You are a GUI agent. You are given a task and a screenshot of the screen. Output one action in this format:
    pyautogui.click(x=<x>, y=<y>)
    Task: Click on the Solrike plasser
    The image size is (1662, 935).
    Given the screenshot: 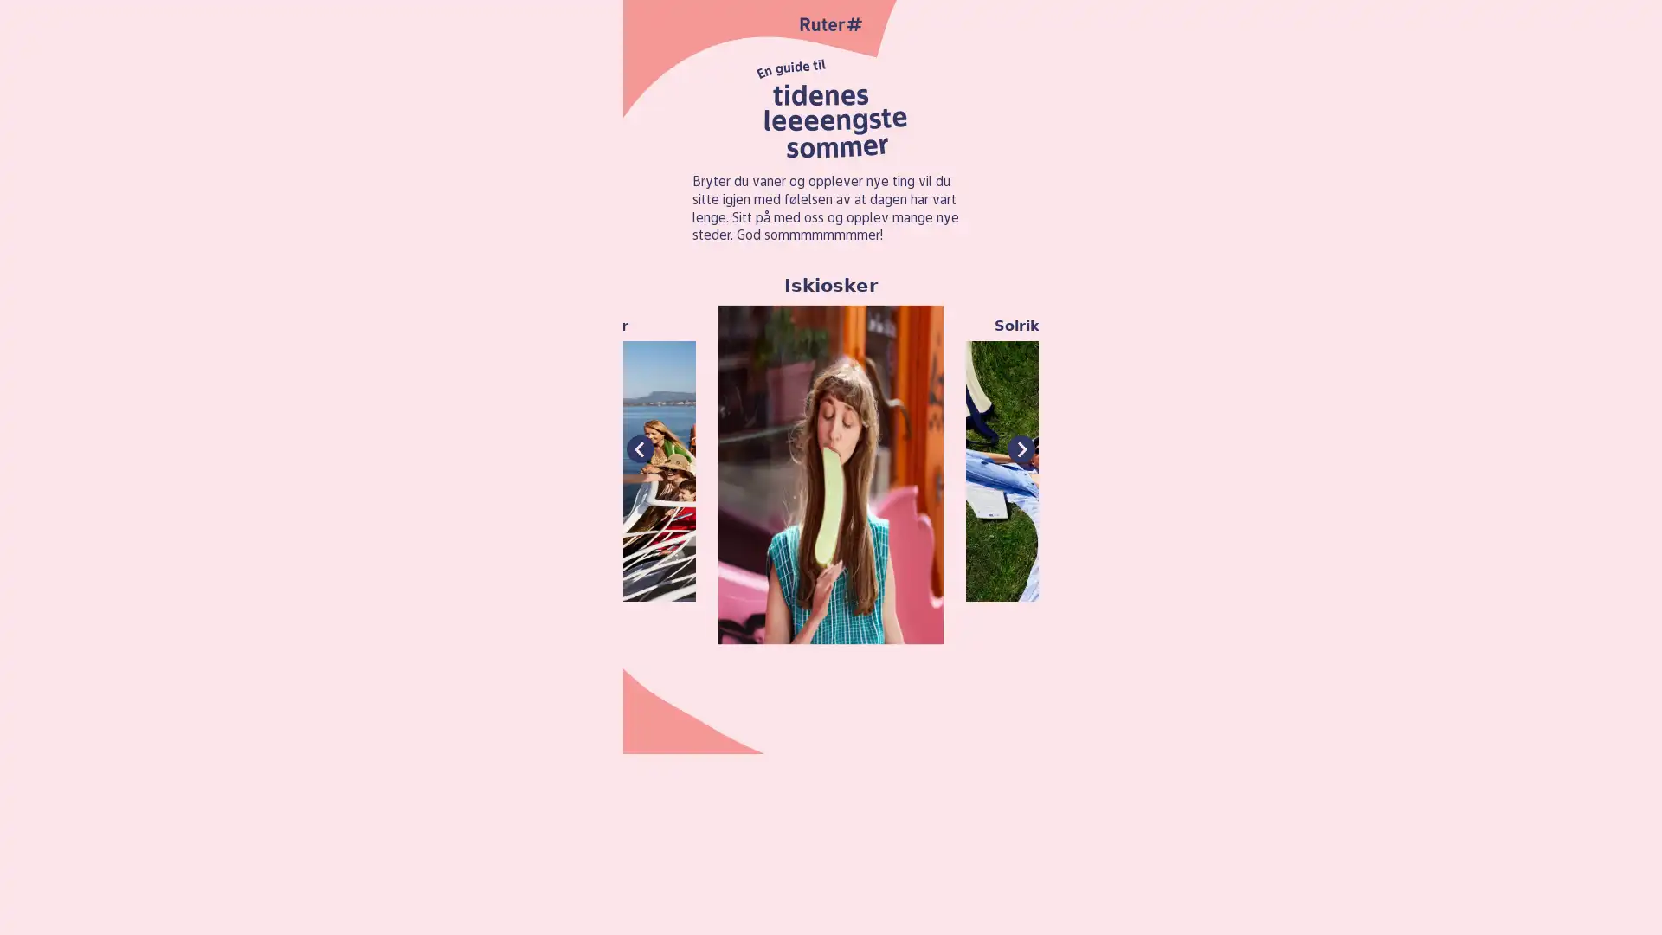 What is the action you would take?
    pyautogui.click(x=1051, y=459)
    